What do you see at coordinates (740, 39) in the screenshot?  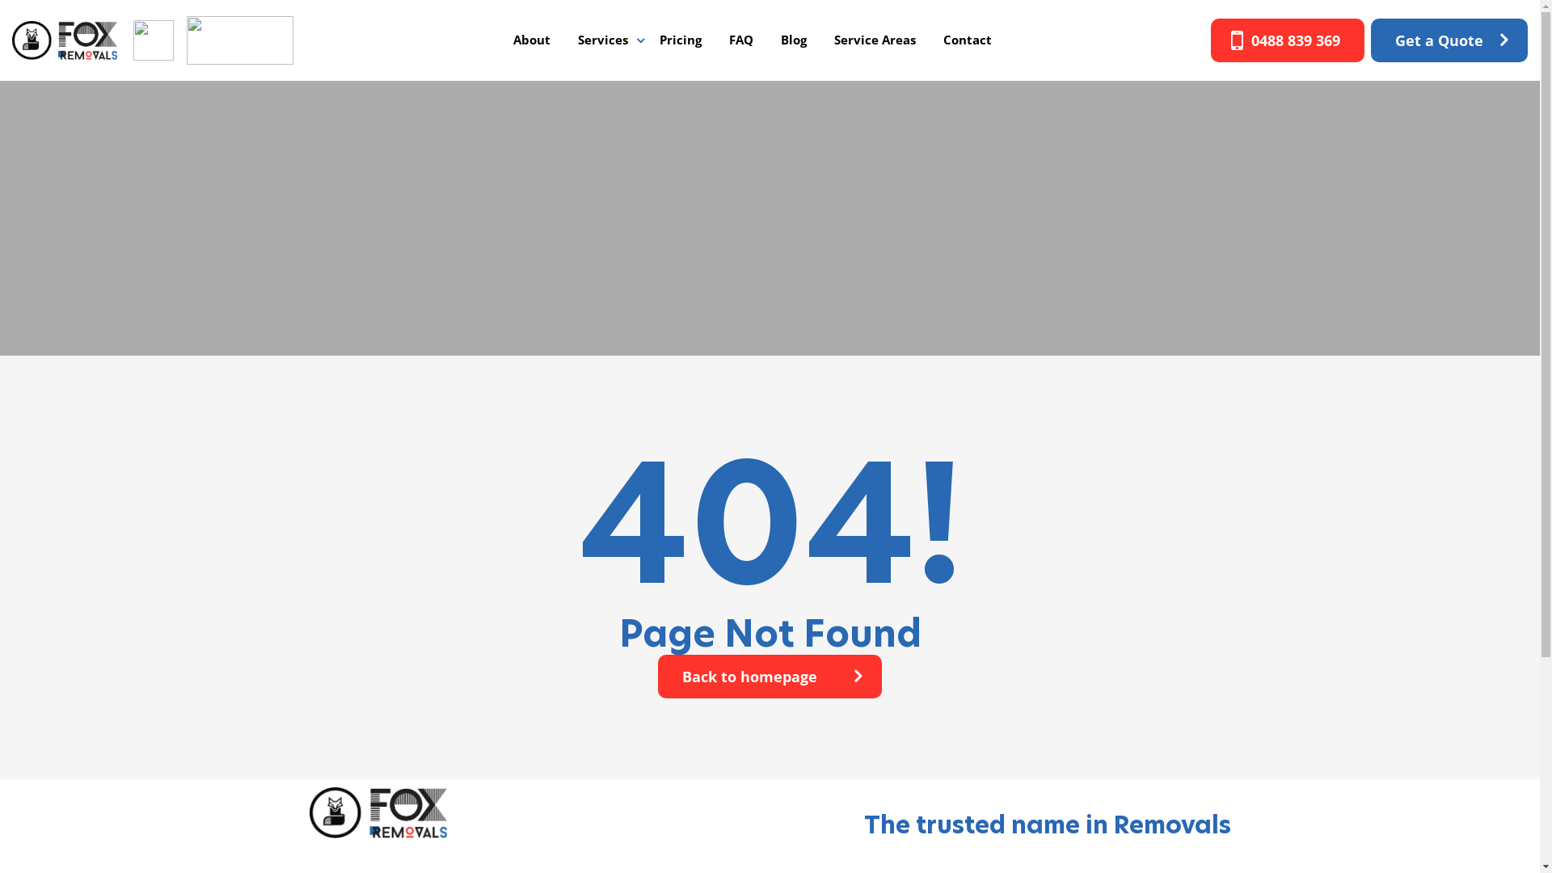 I see `'FAQ'` at bounding box center [740, 39].